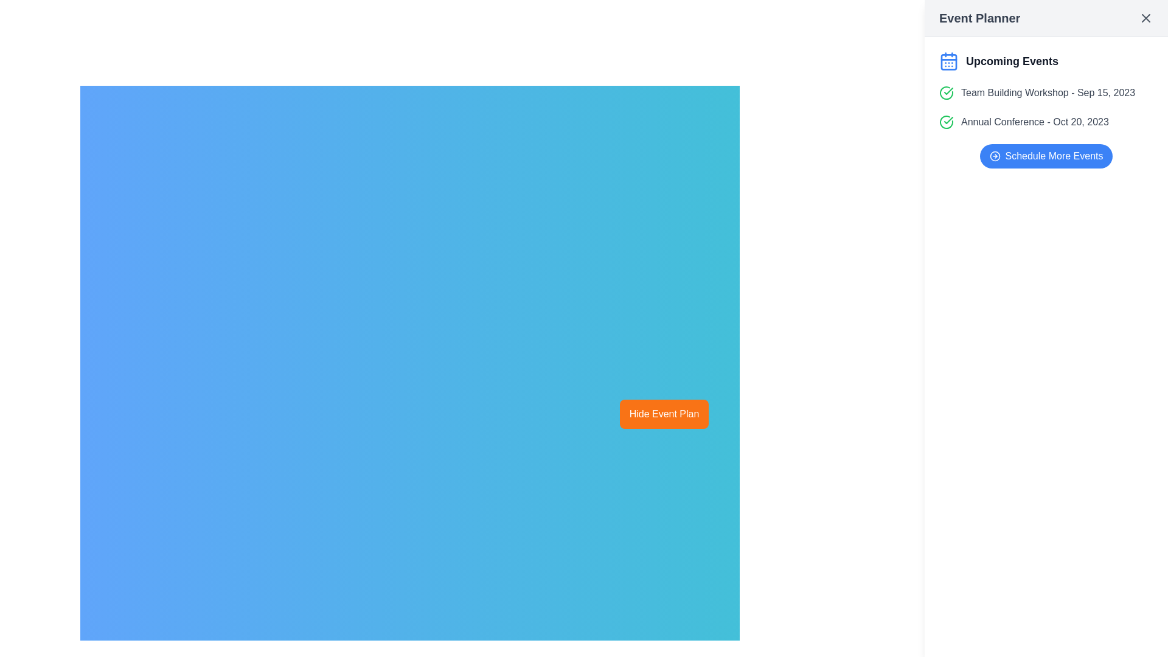  Describe the element at coordinates (1045, 156) in the screenshot. I see `the button with blue background and white text reading 'Schedule More Events'` at that location.